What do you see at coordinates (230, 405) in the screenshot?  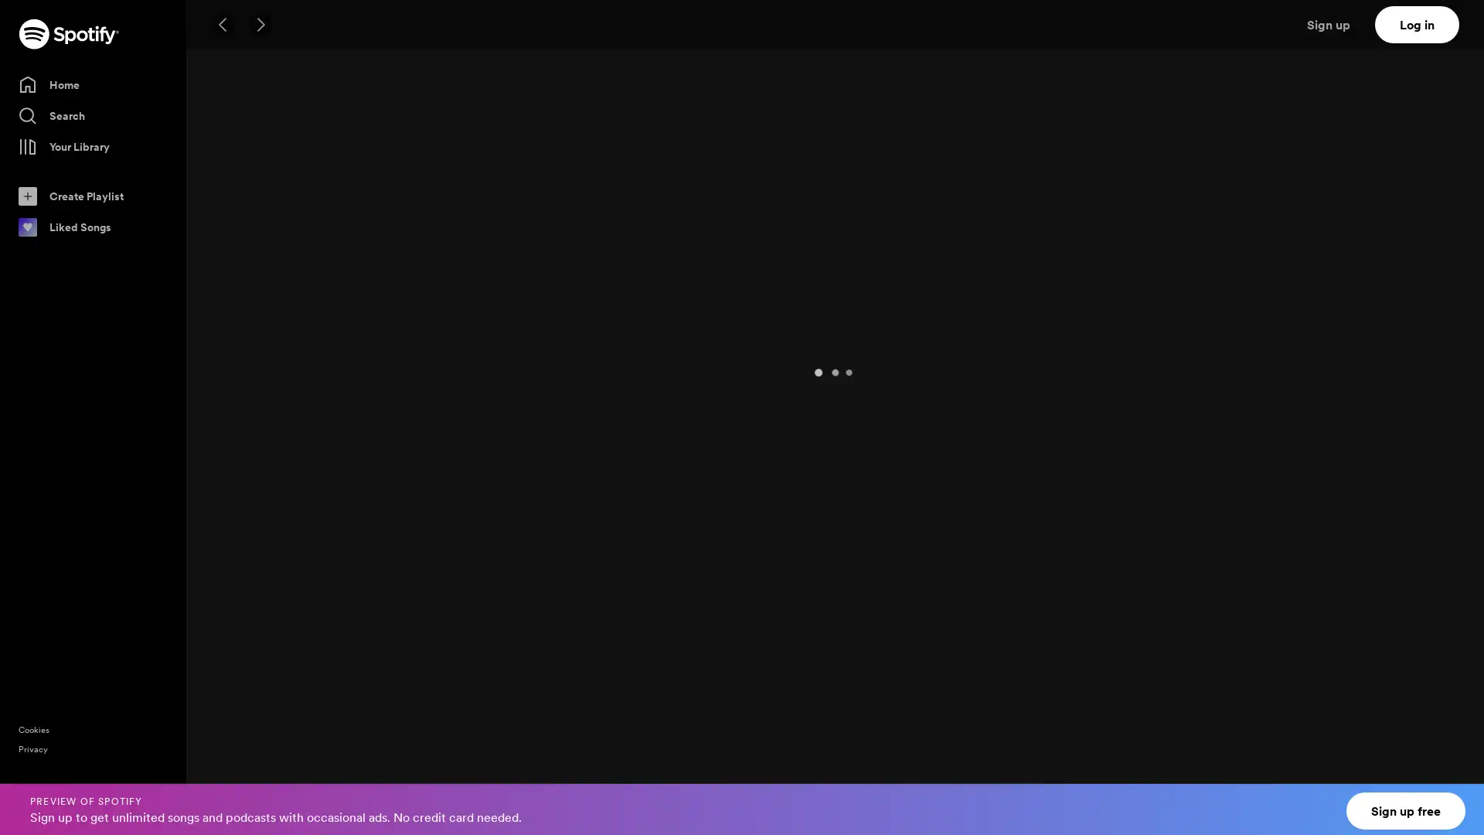 I see `Play Observatory by Sofie Birch, Nana Pi` at bounding box center [230, 405].